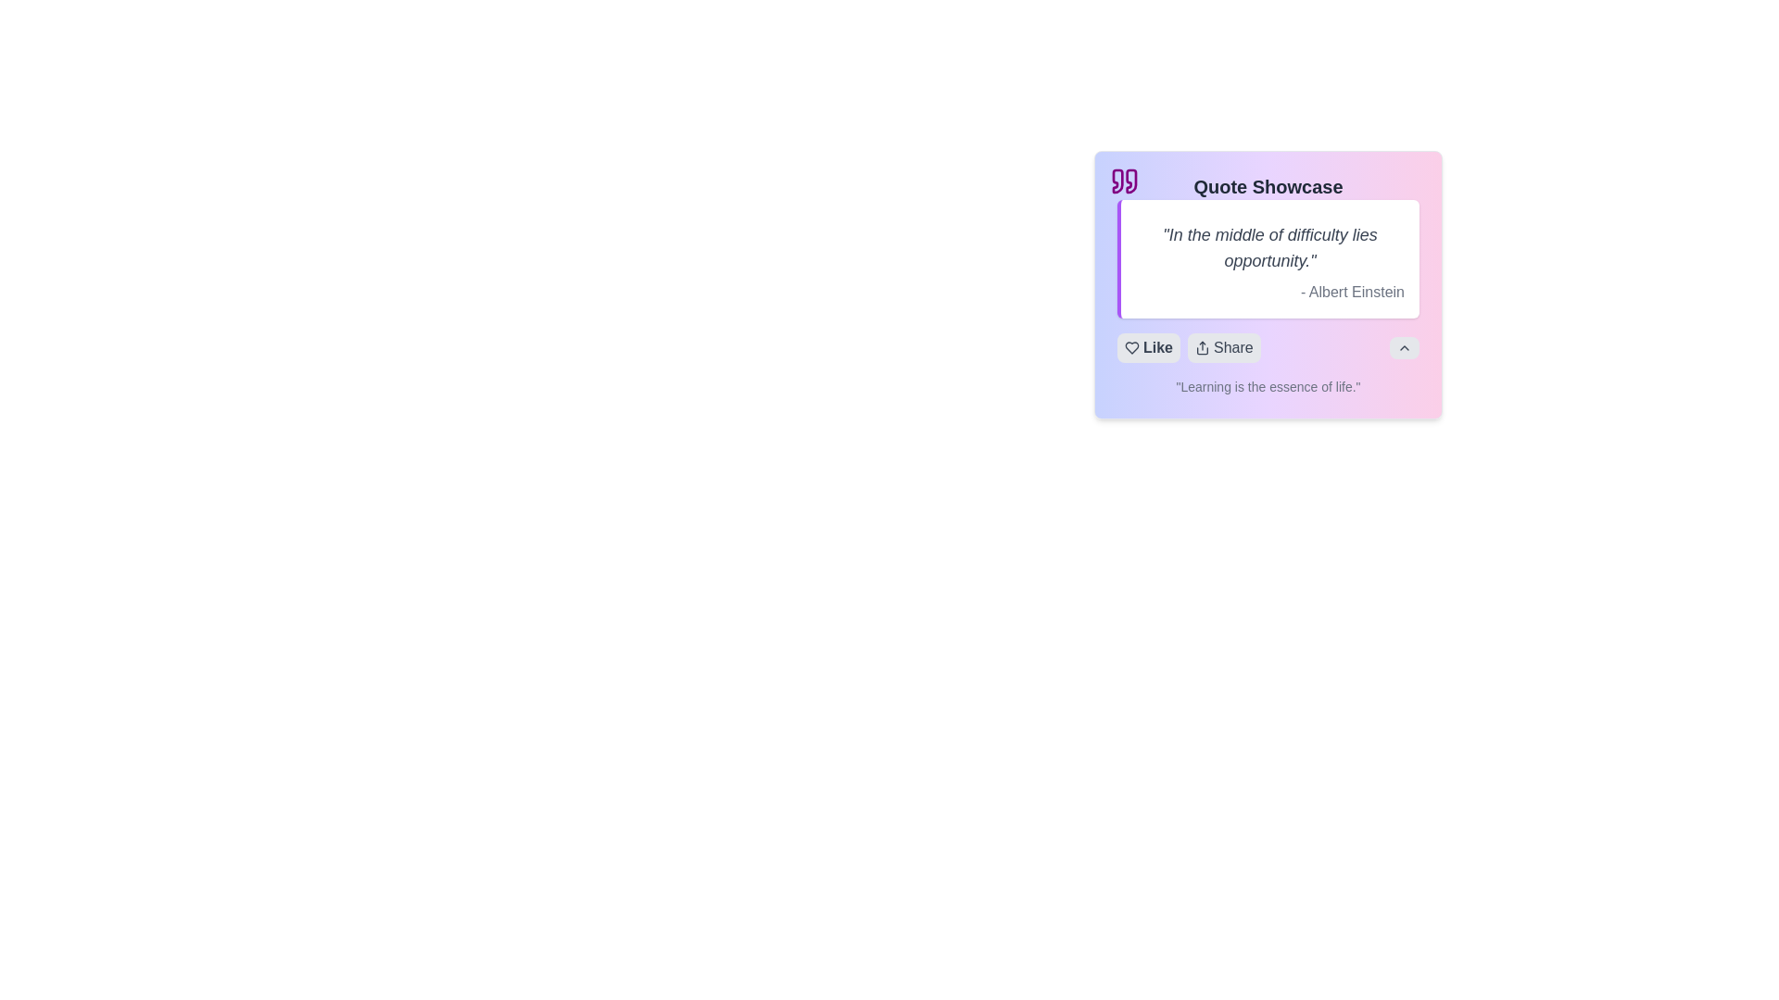 Image resolution: width=1779 pixels, height=1000 pixels. What do you see at coordinates (1147, 347) in the screenshot?
I see `the 'Like' button located at the bottom-left corner of the button group, which features a heart icon and is styled with rounded corners and a light gray background` at bounding box center [1147, 347].